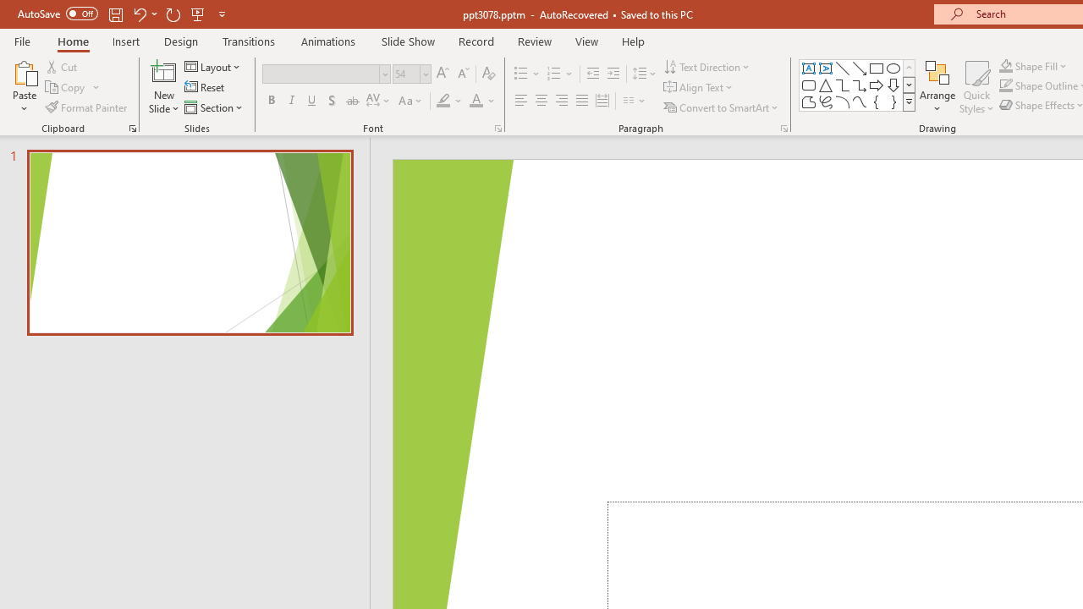 This screenshot has width=1083, height=609. Describe the element at coordinates (328, 41) in the screenshot. I see `'Animations'` at that location.